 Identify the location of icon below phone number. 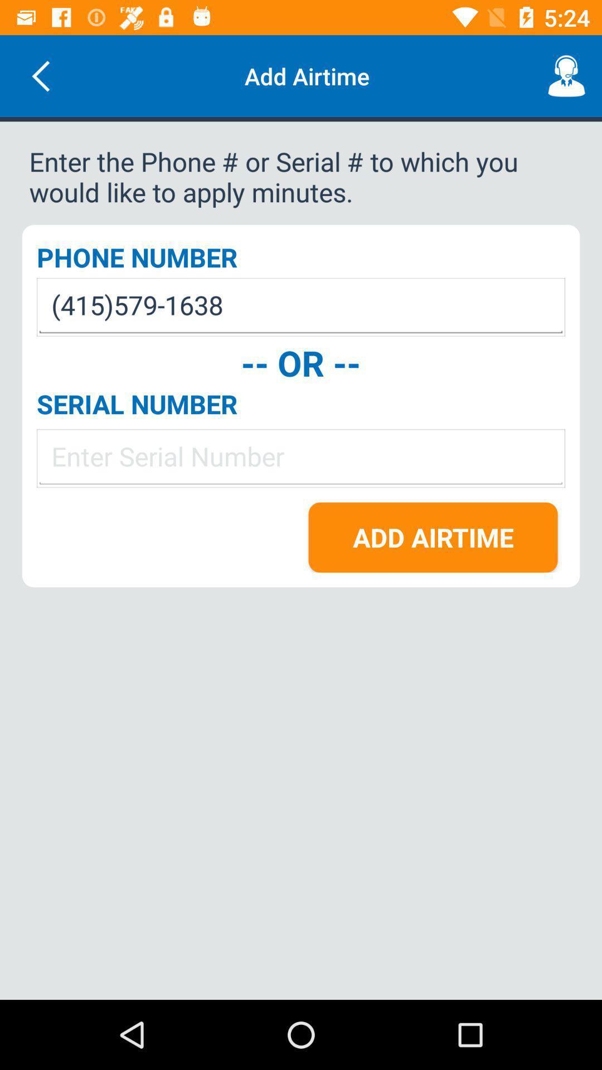
(301, 307).